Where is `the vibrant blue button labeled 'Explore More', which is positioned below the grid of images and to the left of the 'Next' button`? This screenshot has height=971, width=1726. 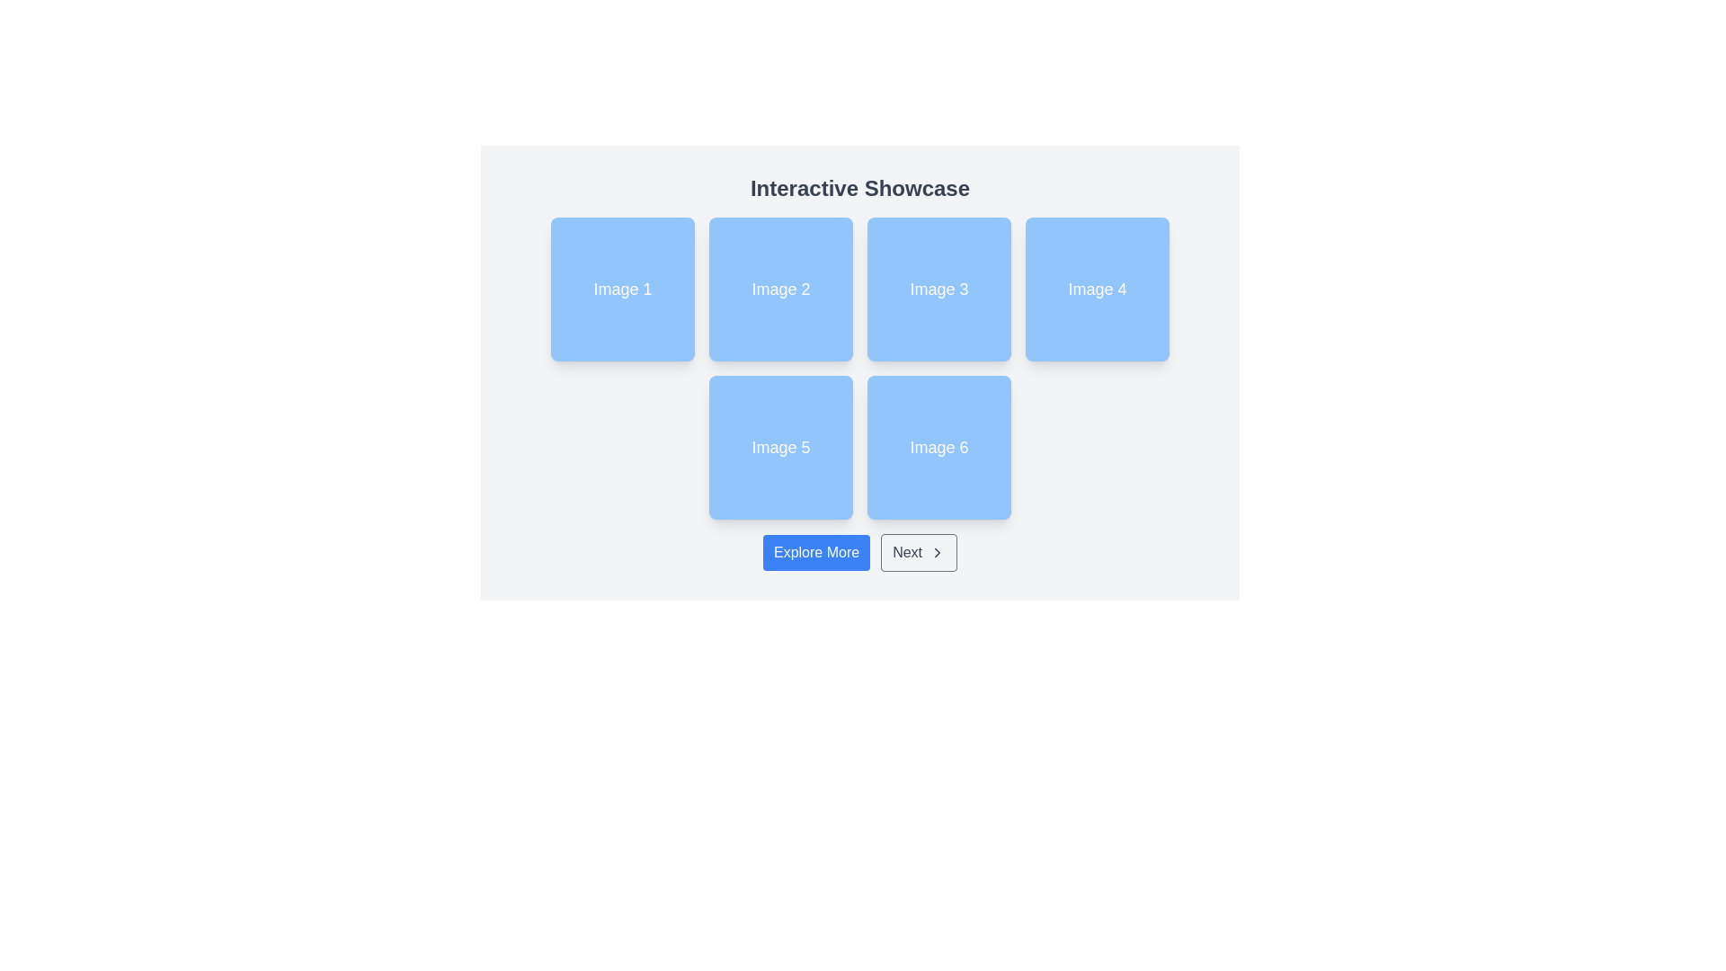
the vibrant blue button labeled 'Explore More', which is positioned below the grid of images and to the left of the 'Next' button is located at coordinates (815, 551).